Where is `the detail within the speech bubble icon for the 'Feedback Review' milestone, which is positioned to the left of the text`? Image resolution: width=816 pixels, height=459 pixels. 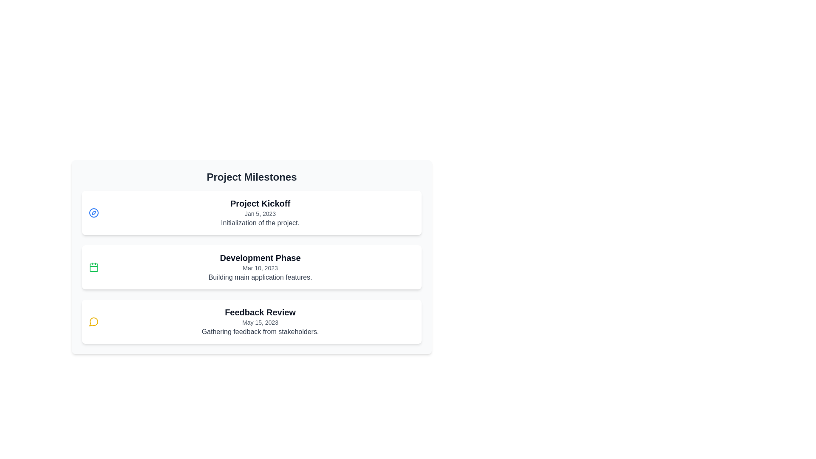 the detail within the speech bubble icon for the 'Feedback Review' milestone, which is positioned to the left of the text is located at coordinates (93, 322).